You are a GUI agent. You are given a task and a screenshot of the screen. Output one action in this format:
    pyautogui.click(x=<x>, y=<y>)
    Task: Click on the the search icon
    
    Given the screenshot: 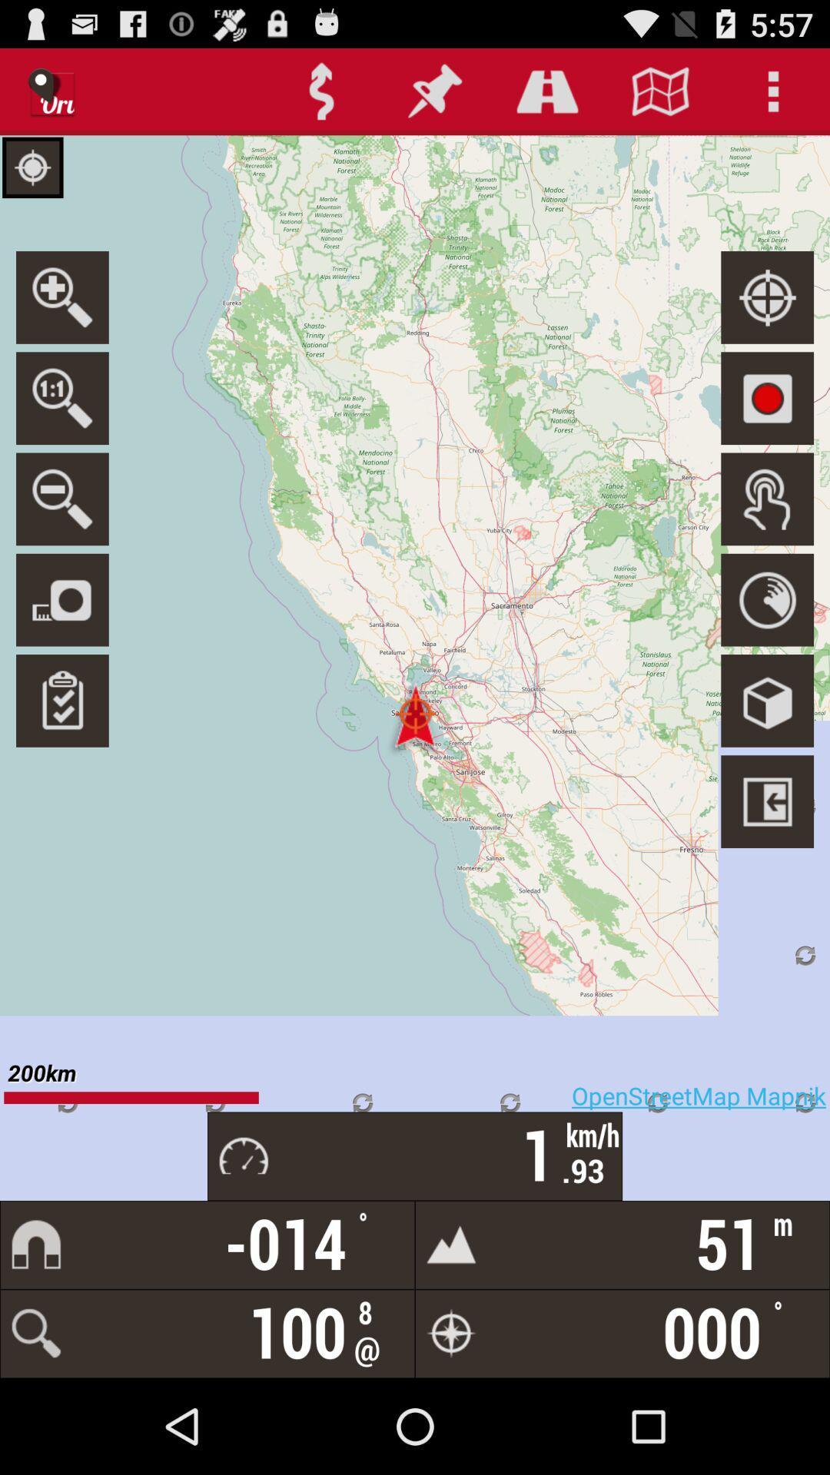 What is the action you would take?
    pyautogui.click(x=61, y=426)
    